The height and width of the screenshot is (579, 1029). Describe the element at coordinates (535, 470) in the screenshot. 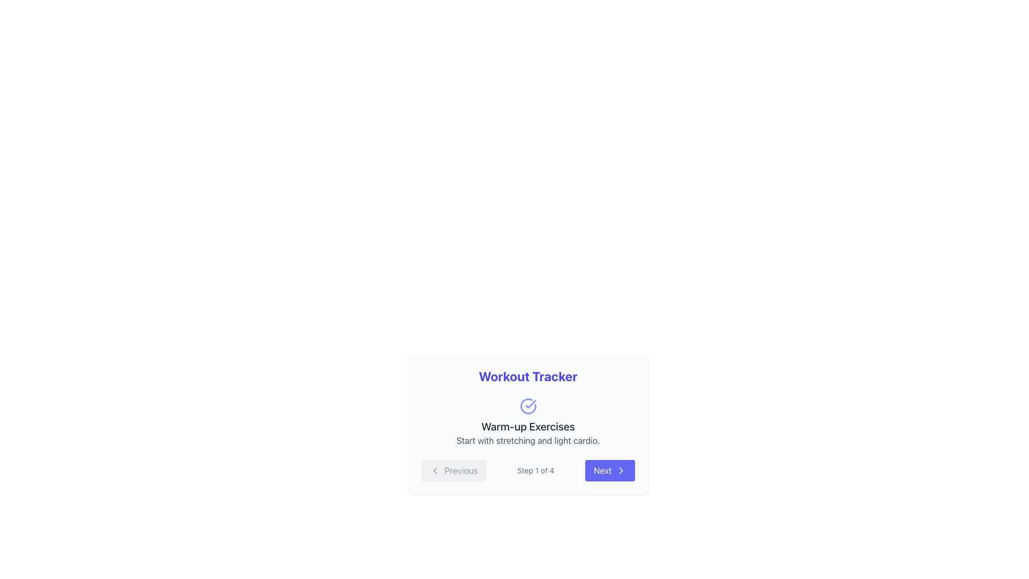

I see `the Static Text Label displaying the progress 'Step 1 of 4' located in the bottom navigation area between the 'Previous' and 'Next' buttons` at that location.